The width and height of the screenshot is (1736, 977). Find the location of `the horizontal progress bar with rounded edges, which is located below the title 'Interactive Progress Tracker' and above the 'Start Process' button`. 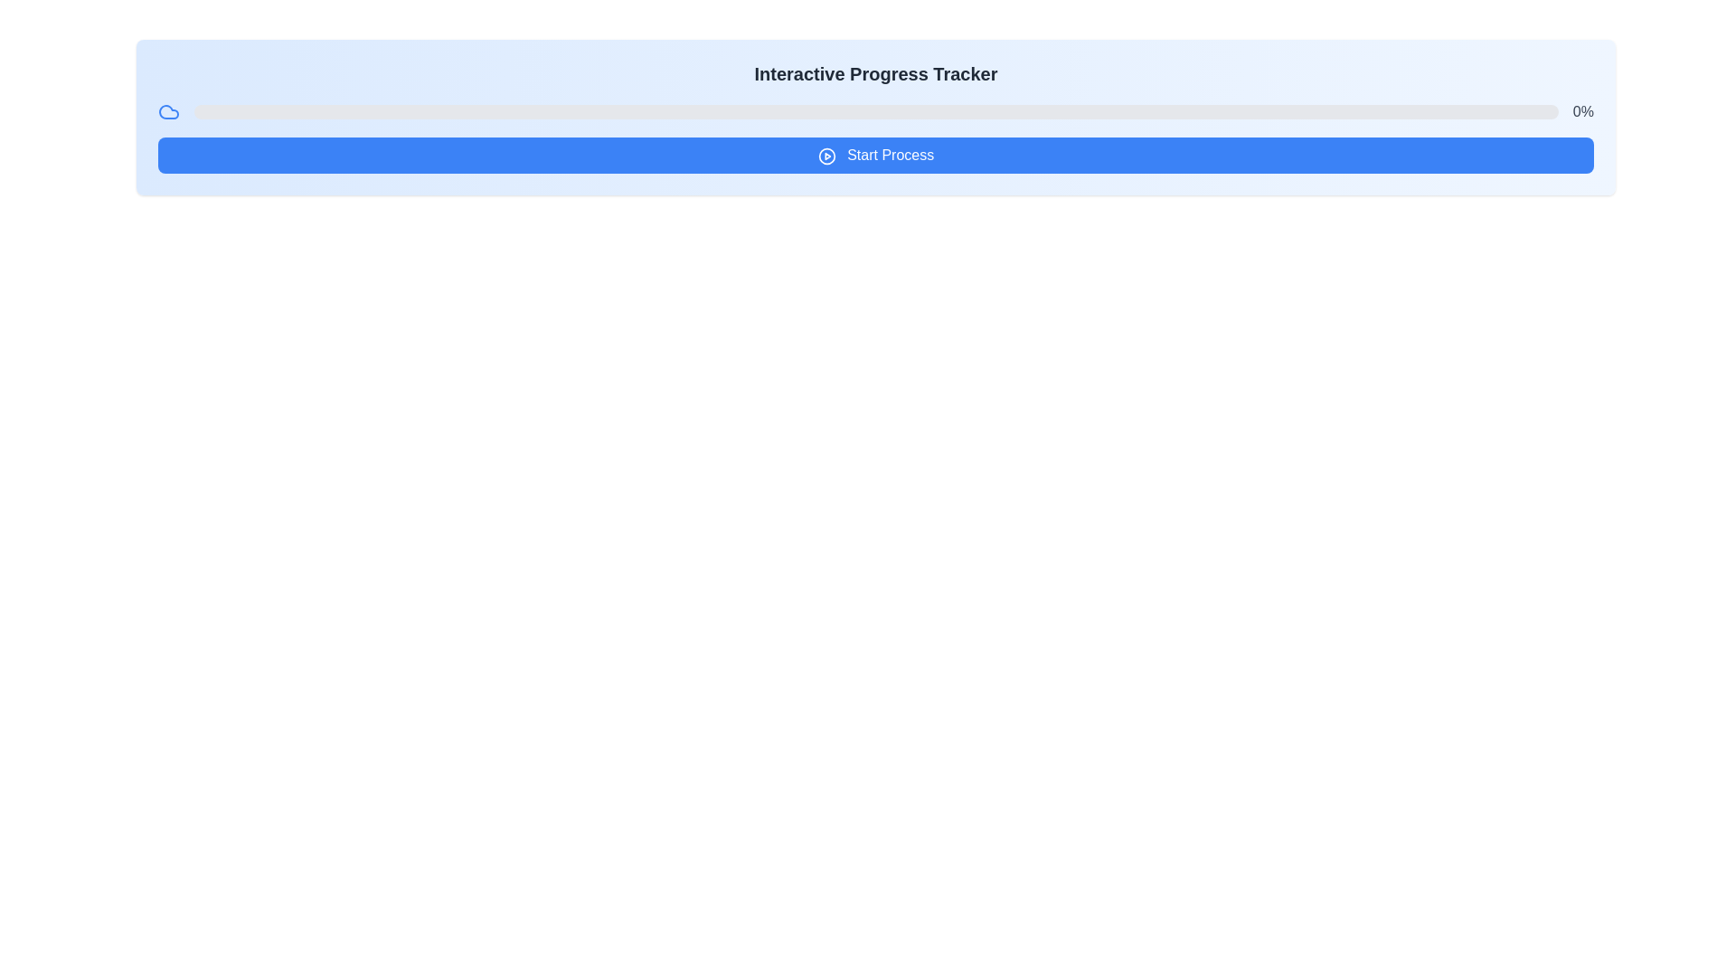

the horizontal progress bar with rounded edges, which is located below the title 'Interactive Progress Tracker' and above the 'Start Process' button is located at coordinates (876, 111).